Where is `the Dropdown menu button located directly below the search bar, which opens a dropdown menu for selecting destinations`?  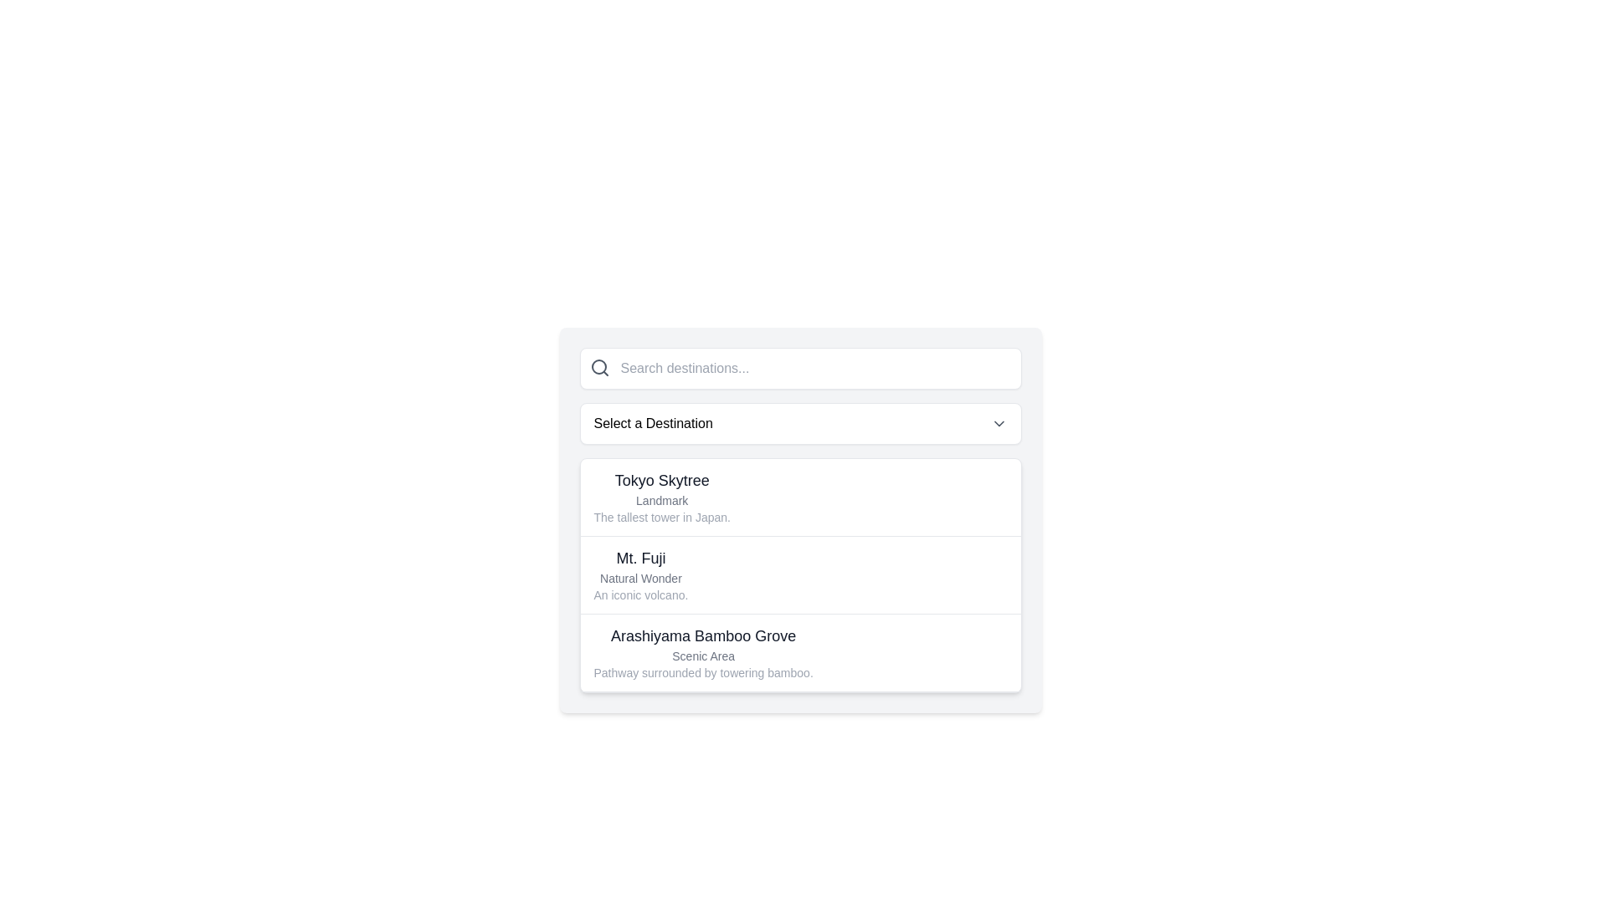 the Dropdown menu button located directly below the search bar, which opens a dropdown menu for selecting destinations is located at coordinates (799, 422).